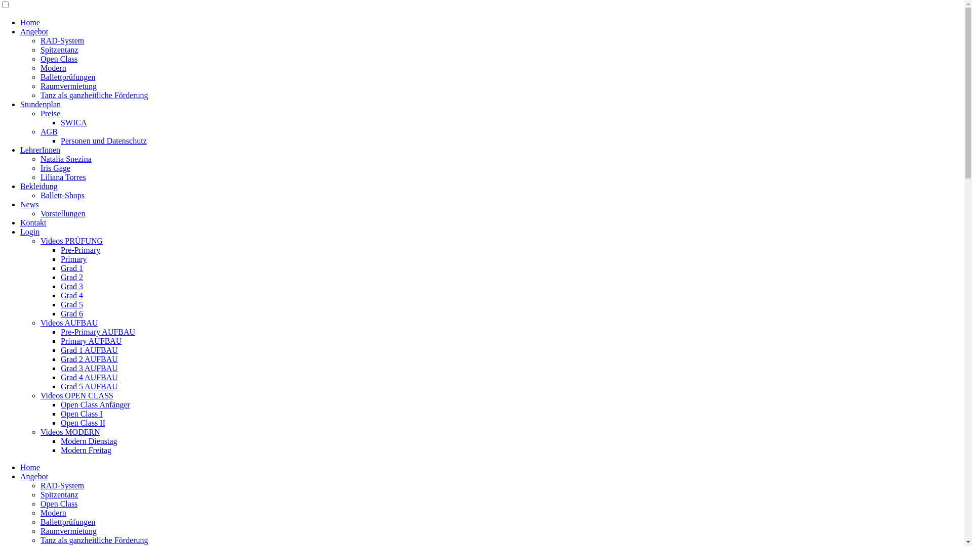  I want to click on 'Raumvermietung', so click(68, 530).